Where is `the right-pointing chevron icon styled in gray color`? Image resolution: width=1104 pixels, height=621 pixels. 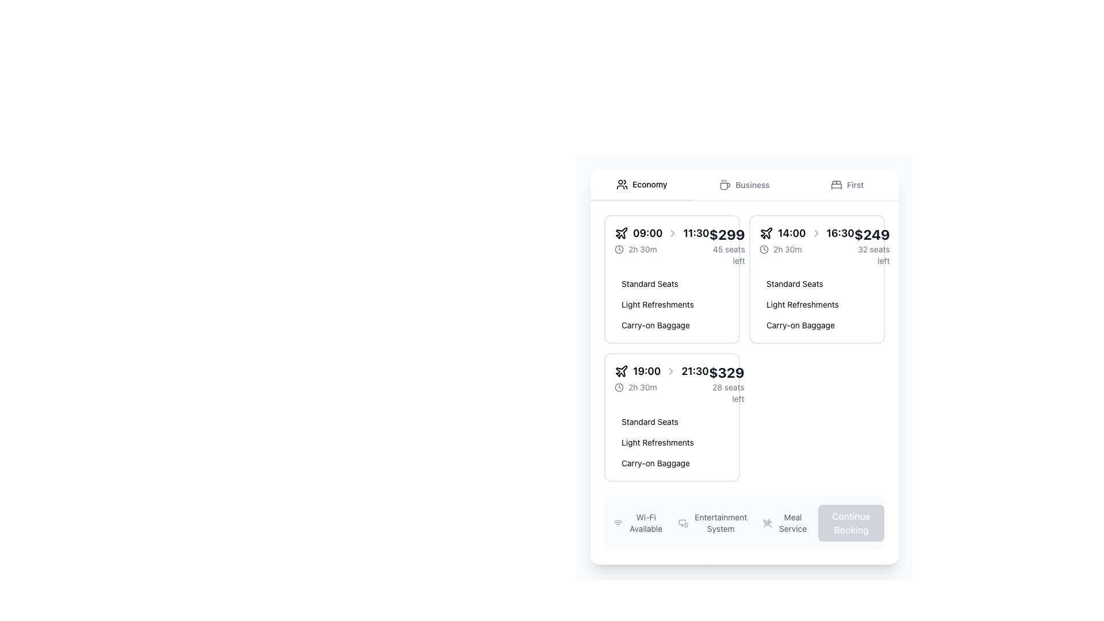
the right-pointing chevron icon styled in gray color is located at coordinates (673, 233).